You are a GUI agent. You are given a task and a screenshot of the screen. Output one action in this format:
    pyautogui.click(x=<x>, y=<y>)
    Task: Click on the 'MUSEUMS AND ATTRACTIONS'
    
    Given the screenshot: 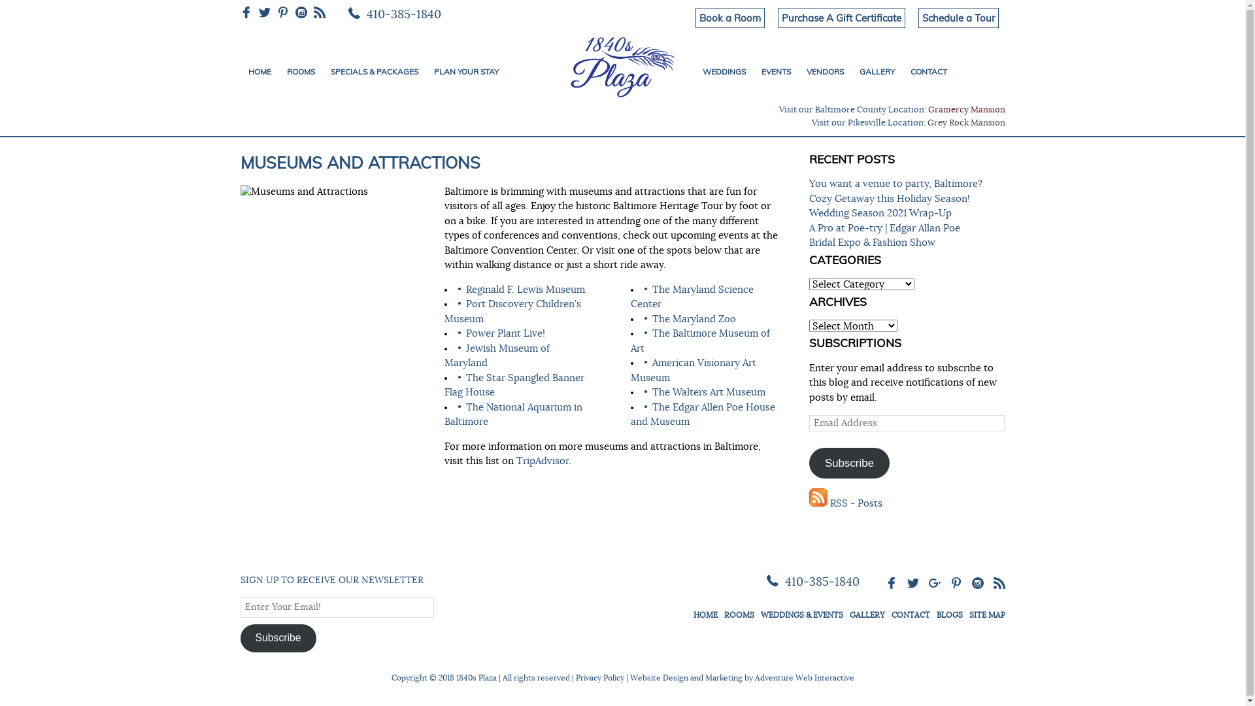 What is the action you would take?
    pyautogui.click(x=360, y=161)
    